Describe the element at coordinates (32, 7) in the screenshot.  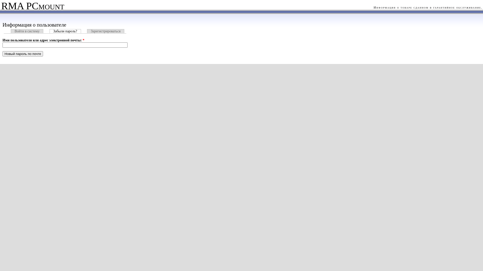
I see `'RMA PCmount'` at that location.